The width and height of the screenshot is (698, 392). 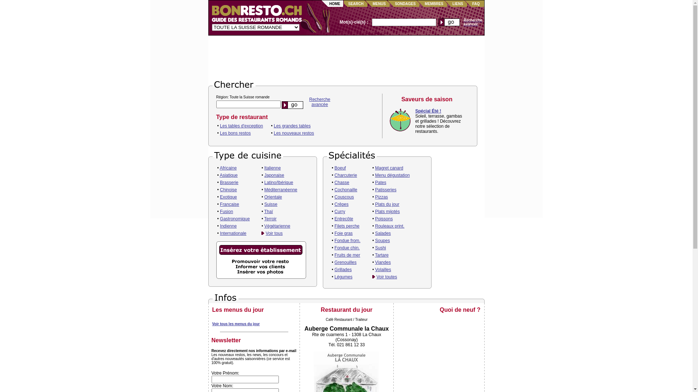 What do you see at coordinates (389, 226) in the screenshot?
I see `'Rouleaux print.'` at bounding box center [389, 226].